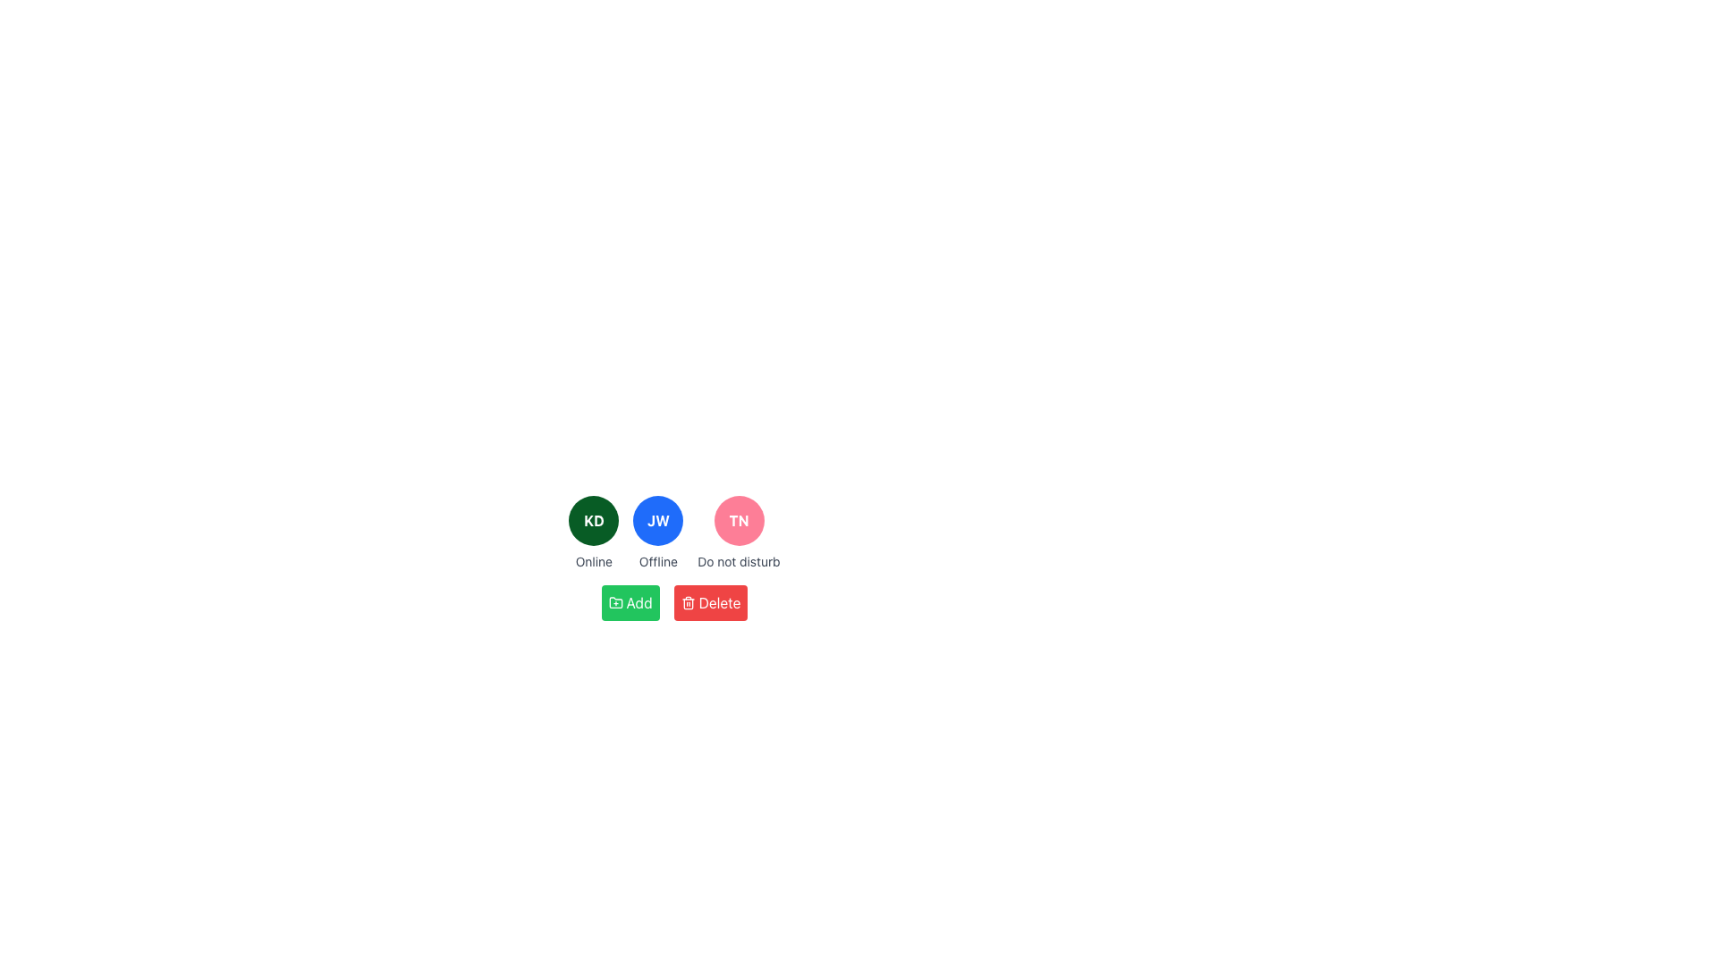  I want to click on label 'Delete' located within the red button at the bottom of the interface, positioned to the right of the green 'Add' button, so click(720, 603).